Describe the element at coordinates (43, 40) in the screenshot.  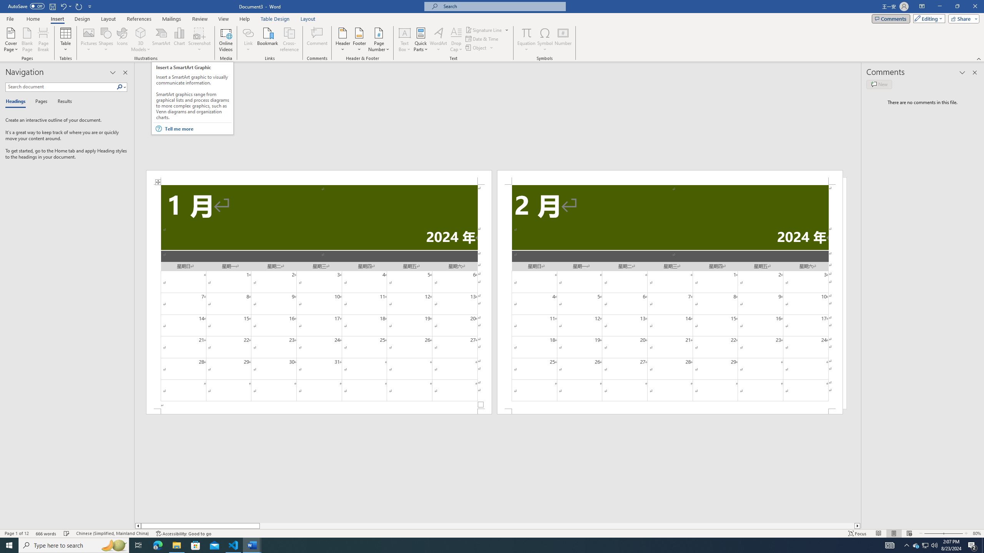
I see `'Page Break'` at that location.